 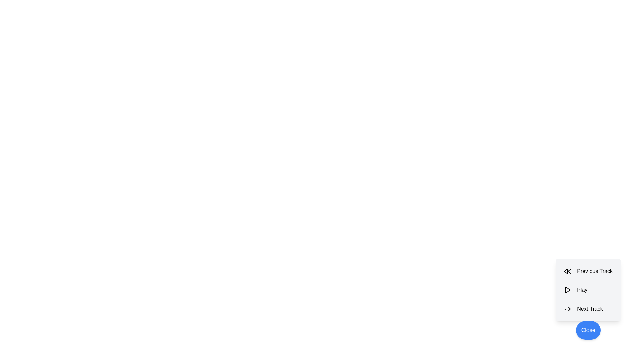 I want to click on the play icon button, so click(x=567, y=289).